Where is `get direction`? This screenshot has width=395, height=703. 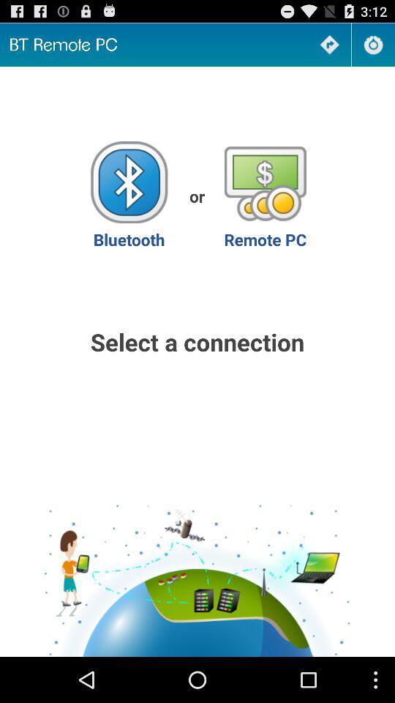
get direction is located at coordinates (329, 45).